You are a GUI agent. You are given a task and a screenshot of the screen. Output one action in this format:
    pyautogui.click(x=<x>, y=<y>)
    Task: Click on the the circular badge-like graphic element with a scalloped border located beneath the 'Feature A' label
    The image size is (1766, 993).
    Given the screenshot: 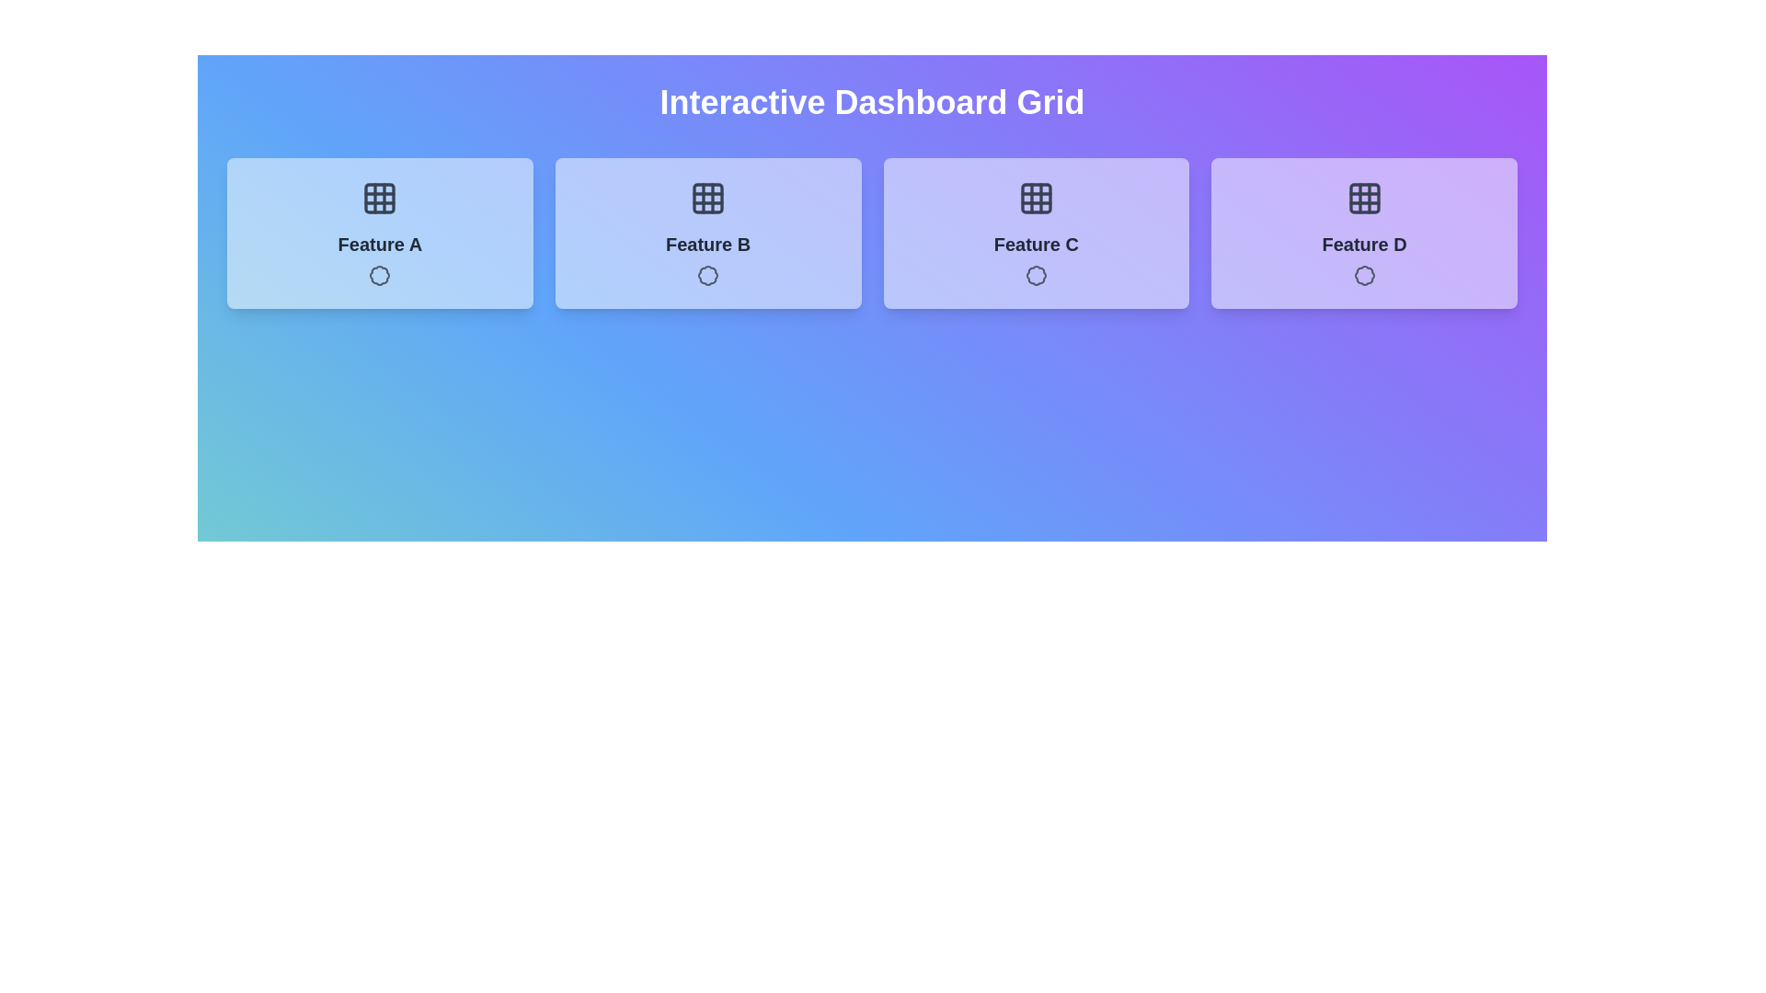 What is the action you would take?
    pyautogui.click(x=379, y=276)
    